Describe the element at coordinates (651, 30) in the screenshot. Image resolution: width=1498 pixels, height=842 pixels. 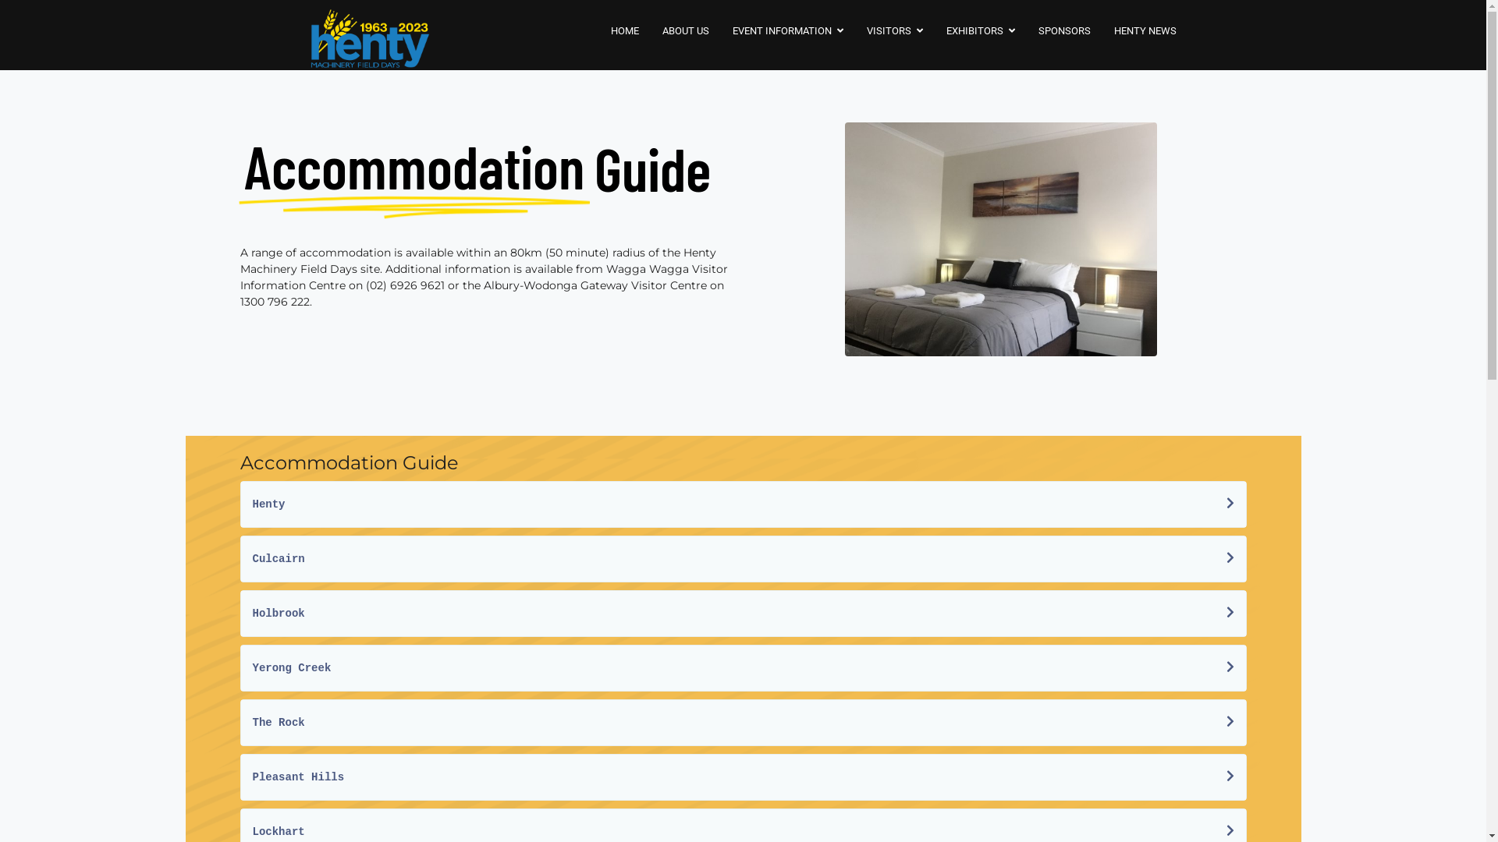
I see `'ABOUT US'` at that location.